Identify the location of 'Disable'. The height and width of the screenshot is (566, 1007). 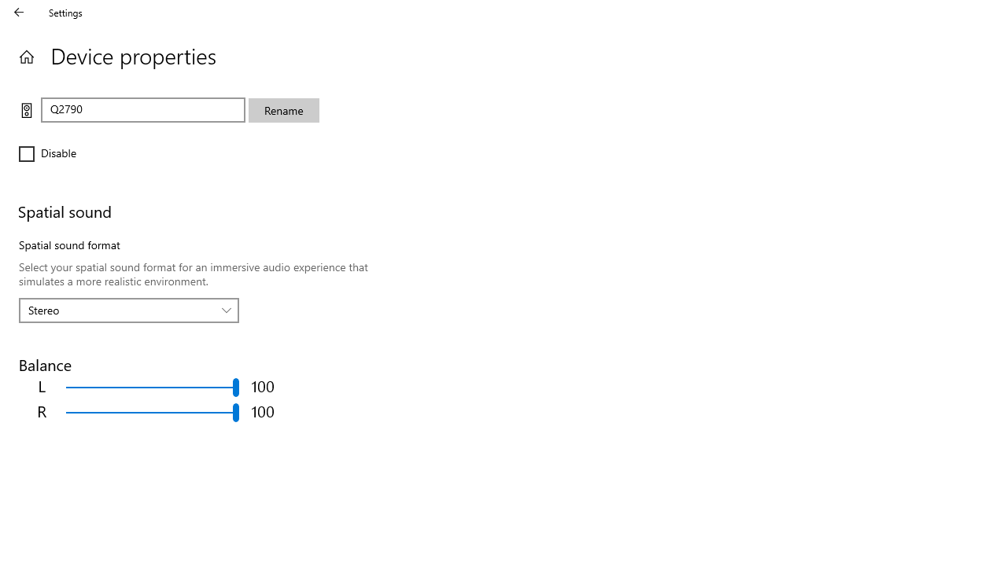
(65, 153).